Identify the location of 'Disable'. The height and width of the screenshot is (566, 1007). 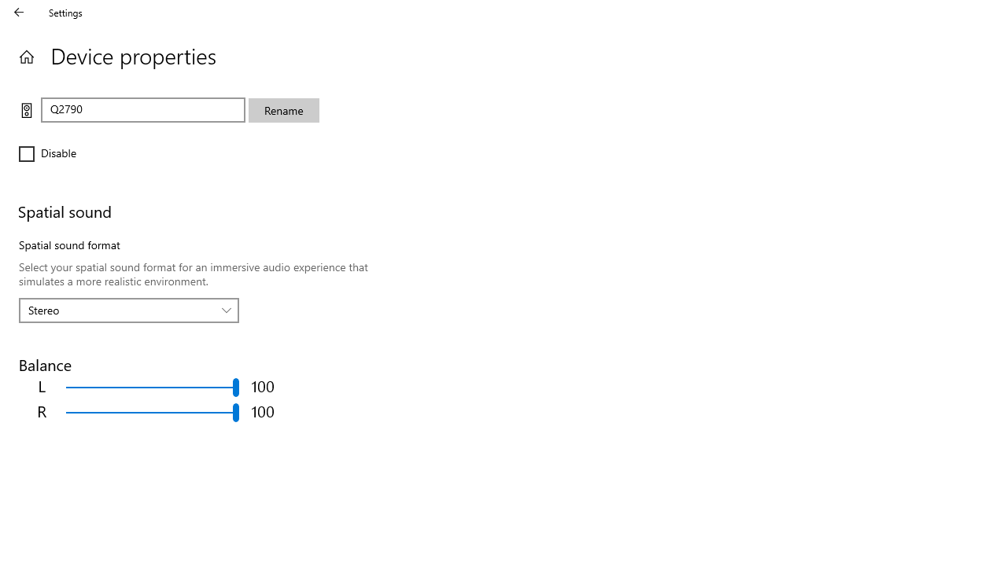
(65, 153).